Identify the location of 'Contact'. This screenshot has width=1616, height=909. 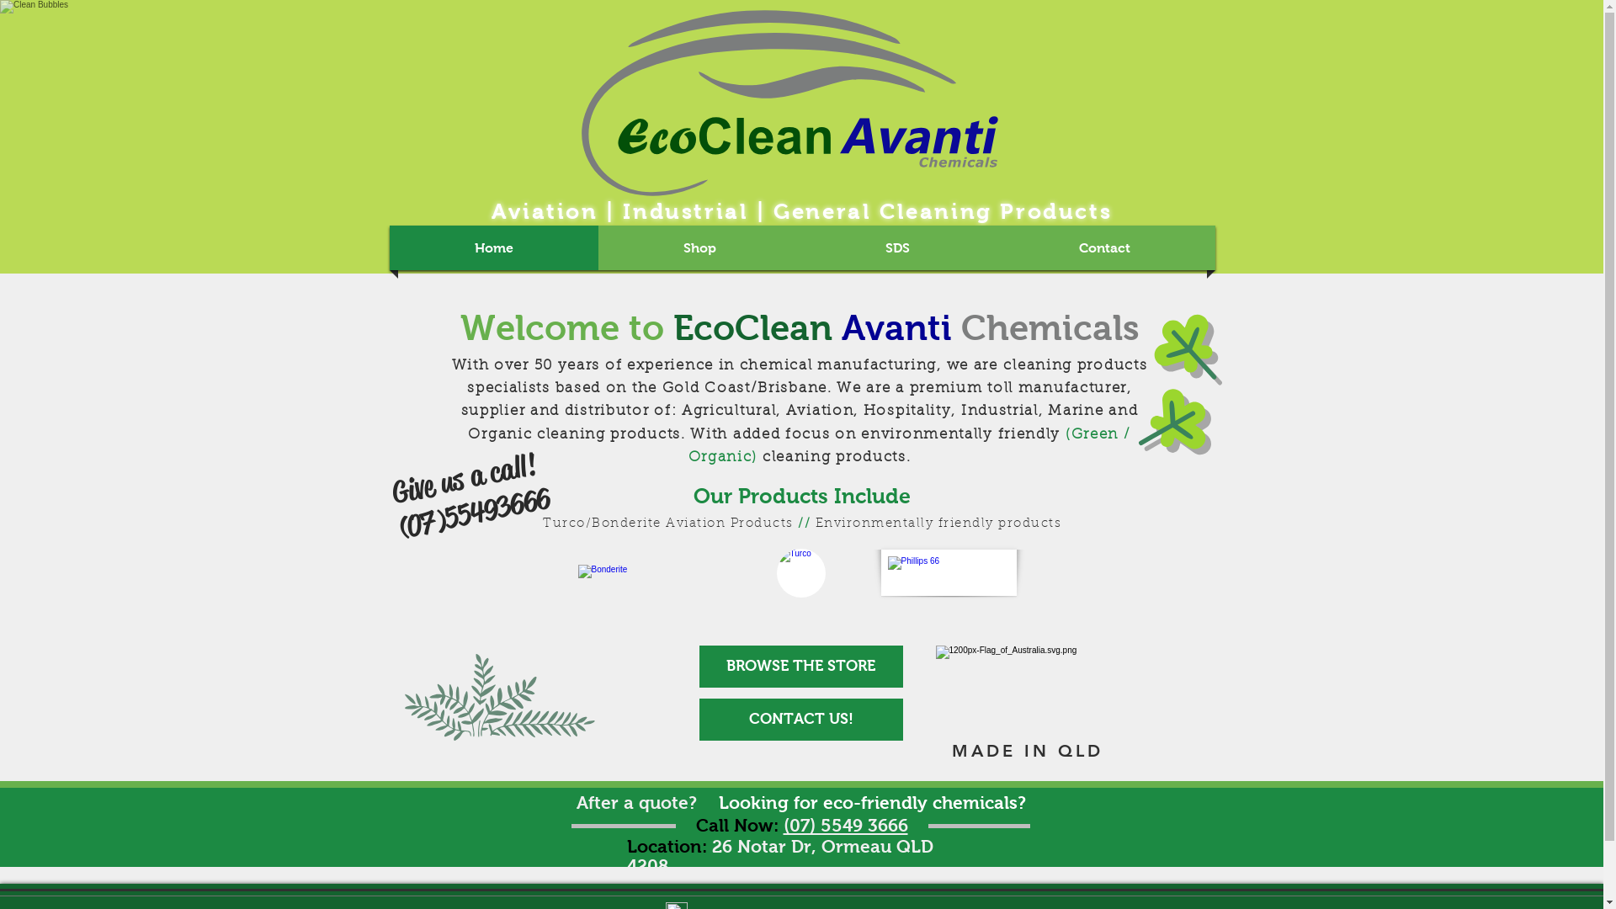
(1103, 247).